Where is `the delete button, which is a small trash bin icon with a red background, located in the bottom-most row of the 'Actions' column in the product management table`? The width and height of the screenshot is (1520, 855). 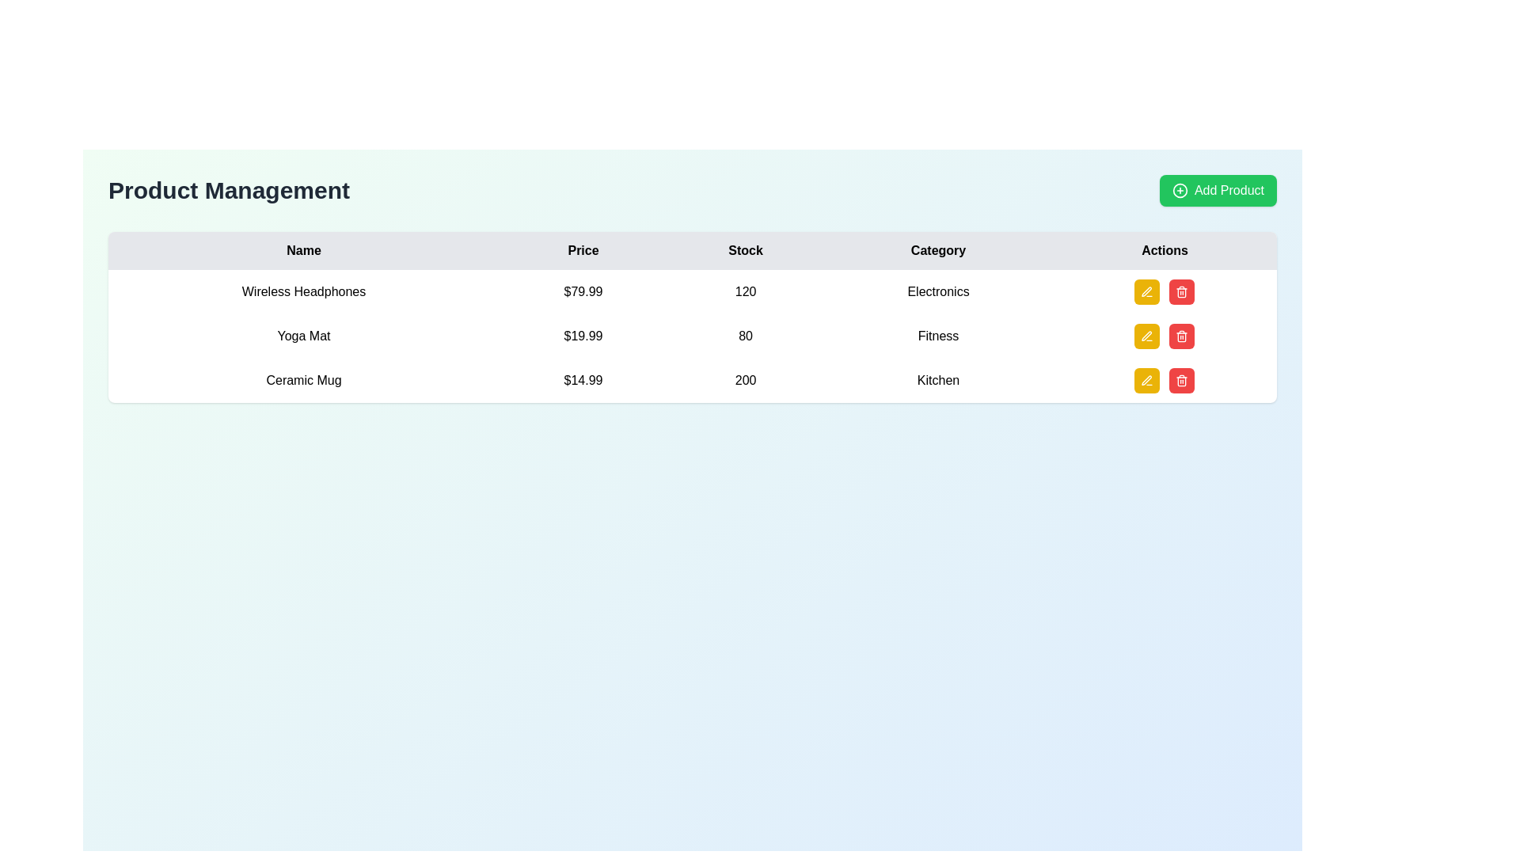 the delete button, which is a small trash bin icon with a red background, located in the bottom-most row of the 'Actions' column in the product management table is located at coordinates (1182, 335).